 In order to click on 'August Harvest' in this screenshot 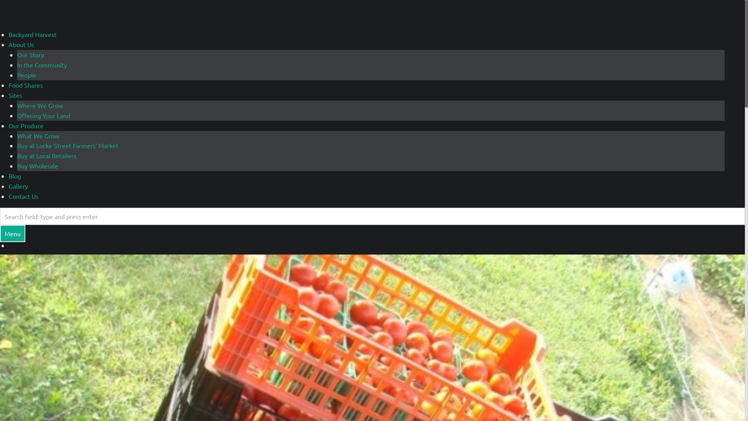, I will do `click(372, 258)`.